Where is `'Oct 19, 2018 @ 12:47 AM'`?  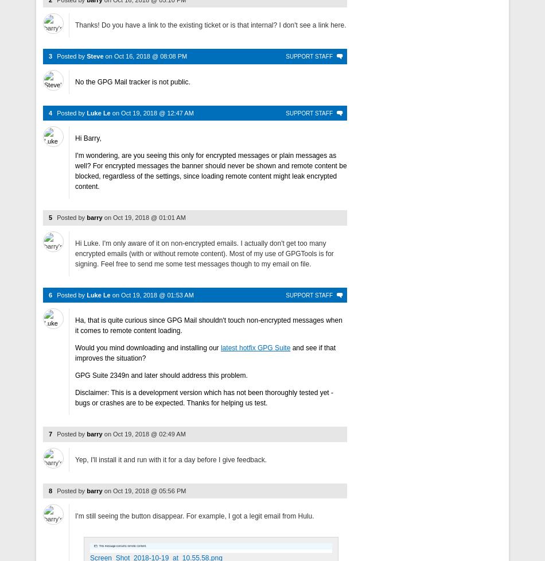
'Oct 19, 2018 @ 12:47 AM' is located at coordinates (156, 111).